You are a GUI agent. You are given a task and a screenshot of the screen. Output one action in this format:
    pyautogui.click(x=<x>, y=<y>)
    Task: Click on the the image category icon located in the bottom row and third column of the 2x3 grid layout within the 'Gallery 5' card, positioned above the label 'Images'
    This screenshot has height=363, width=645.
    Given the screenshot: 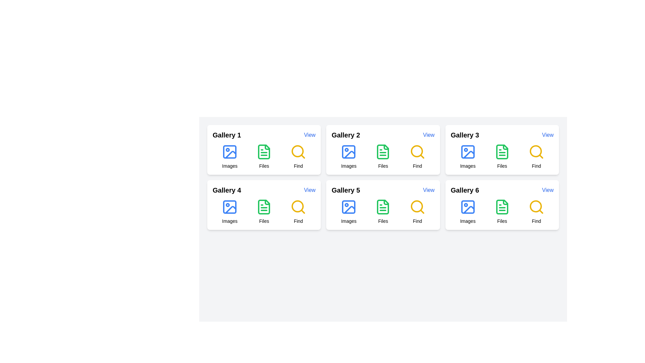 What is the action you would take?
    pyautogui.click(x=349, y=207)
    